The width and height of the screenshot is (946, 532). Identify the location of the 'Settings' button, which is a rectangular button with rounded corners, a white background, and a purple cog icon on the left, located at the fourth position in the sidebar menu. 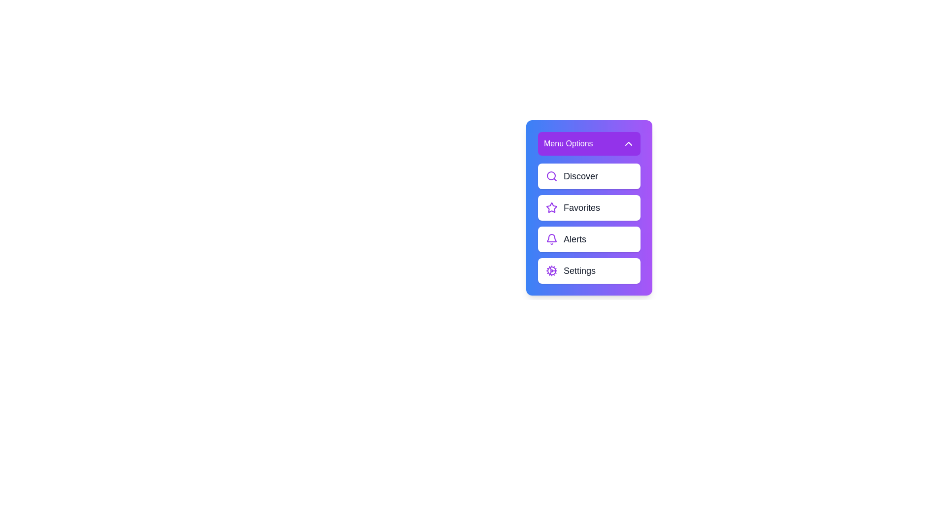
(589, 271).